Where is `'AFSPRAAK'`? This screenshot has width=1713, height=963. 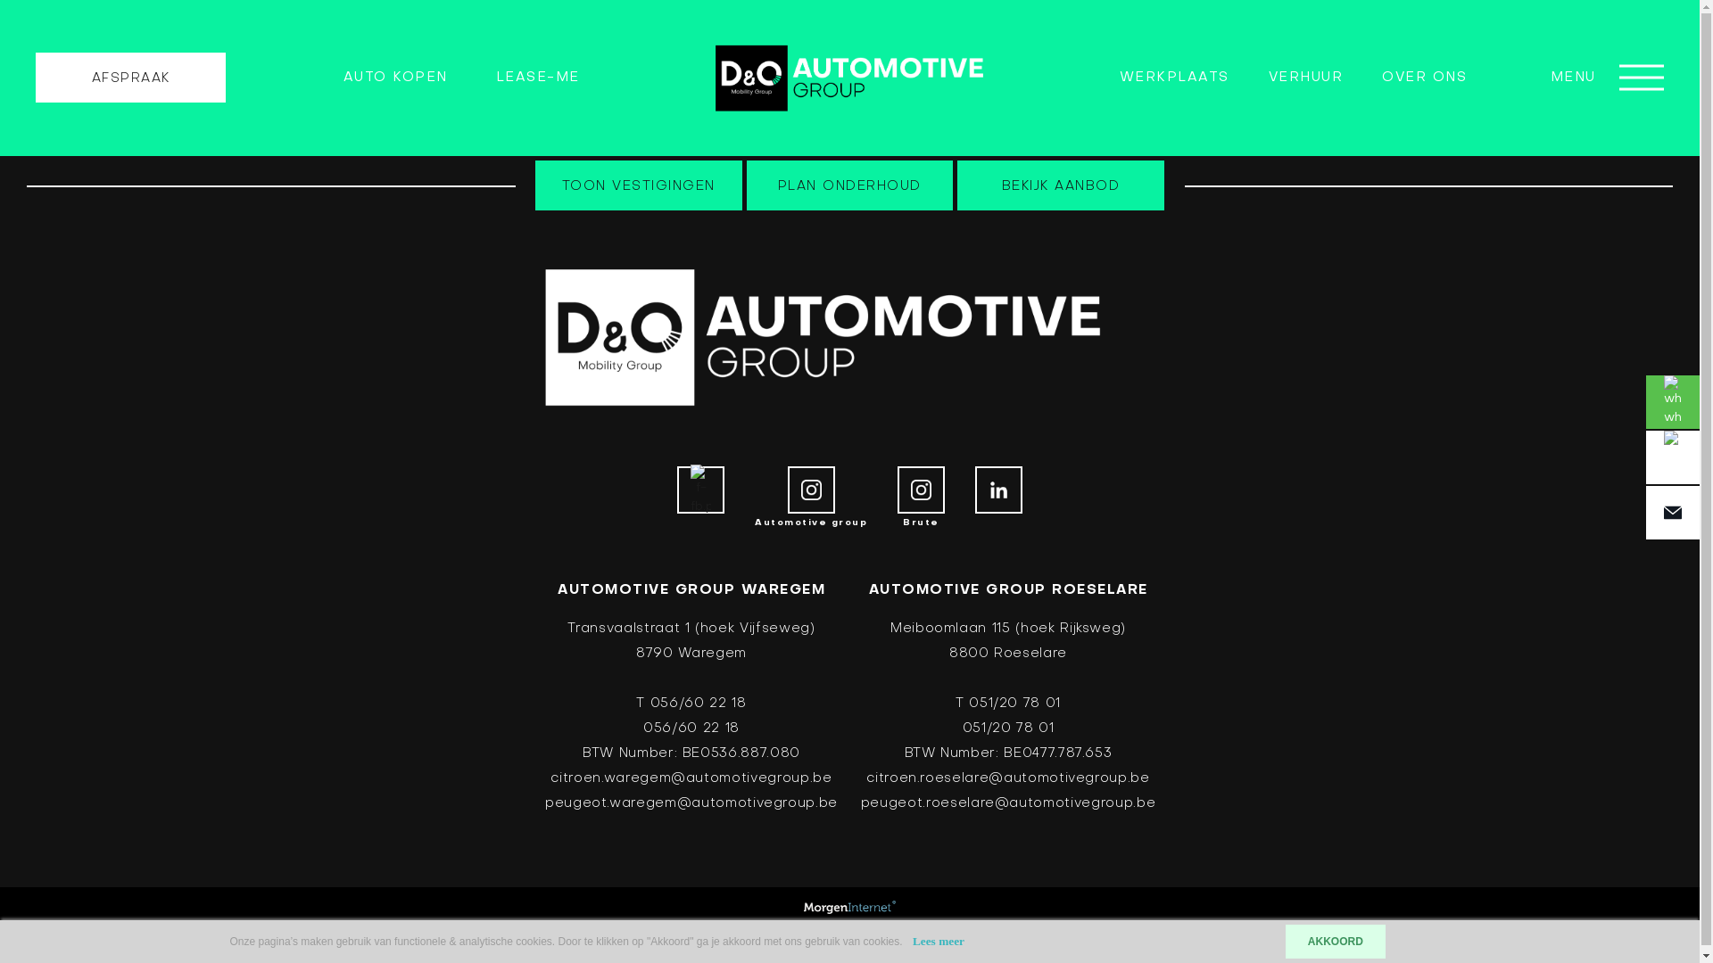
'AFSPRAAK' is located at coordinates (129, 77).